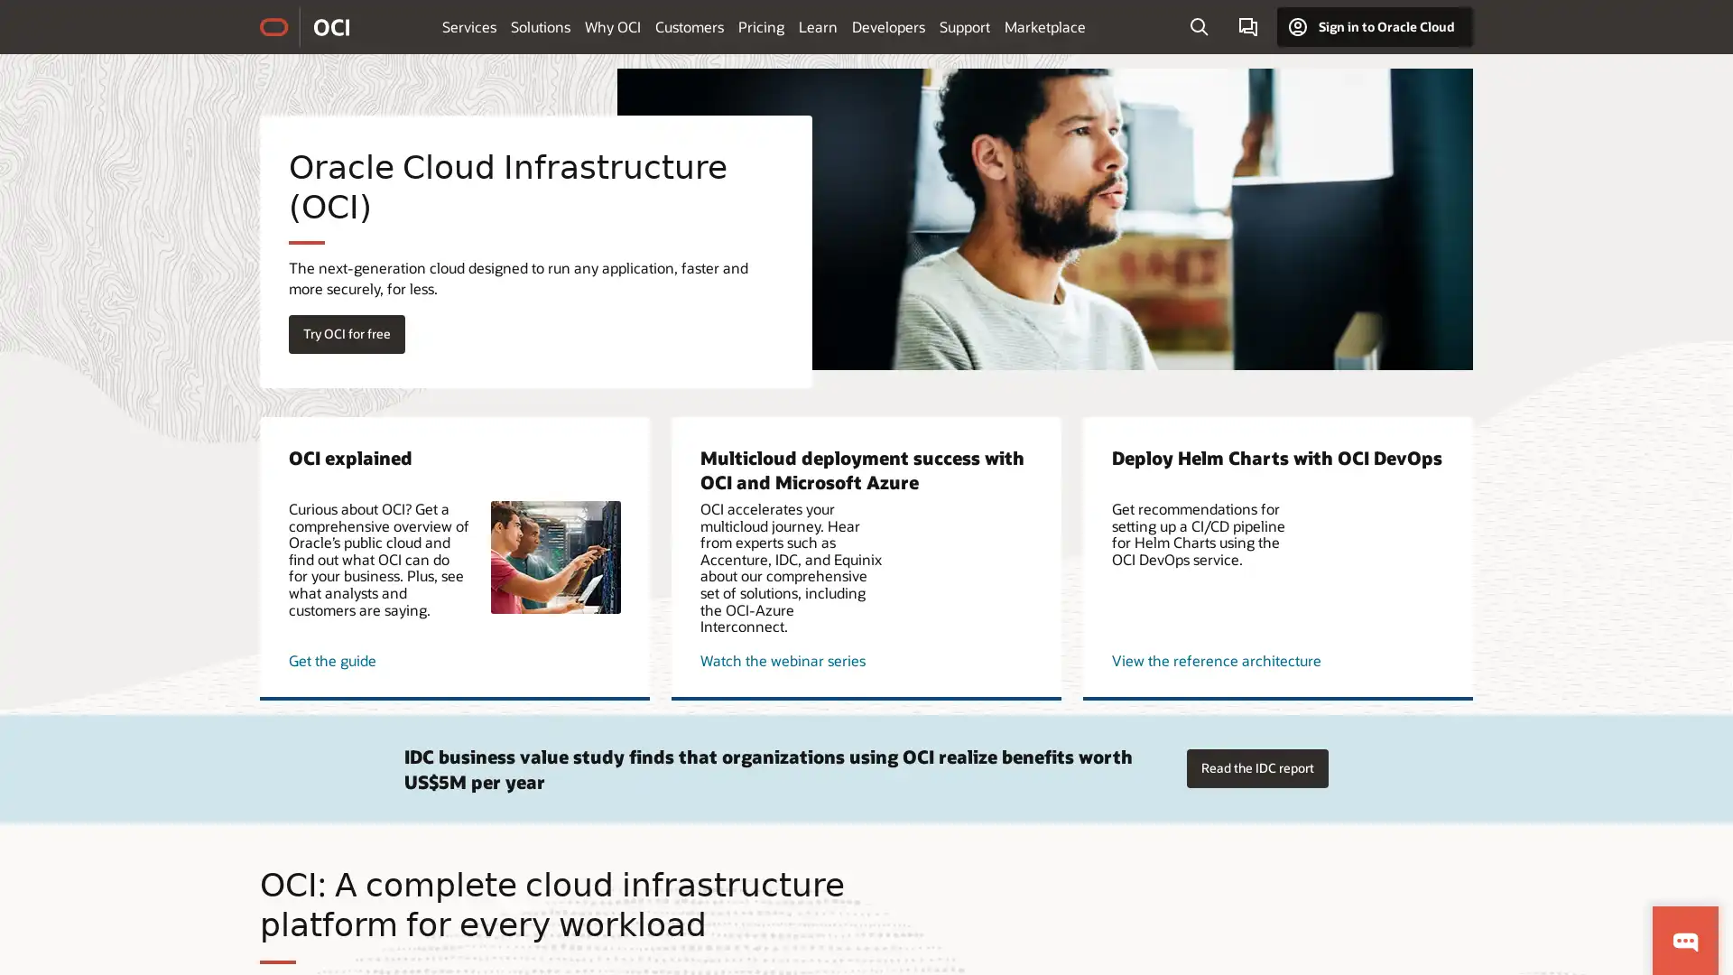  Describe the element at coordinates (468, 26) in the screenshot. I see `Services` at that location.